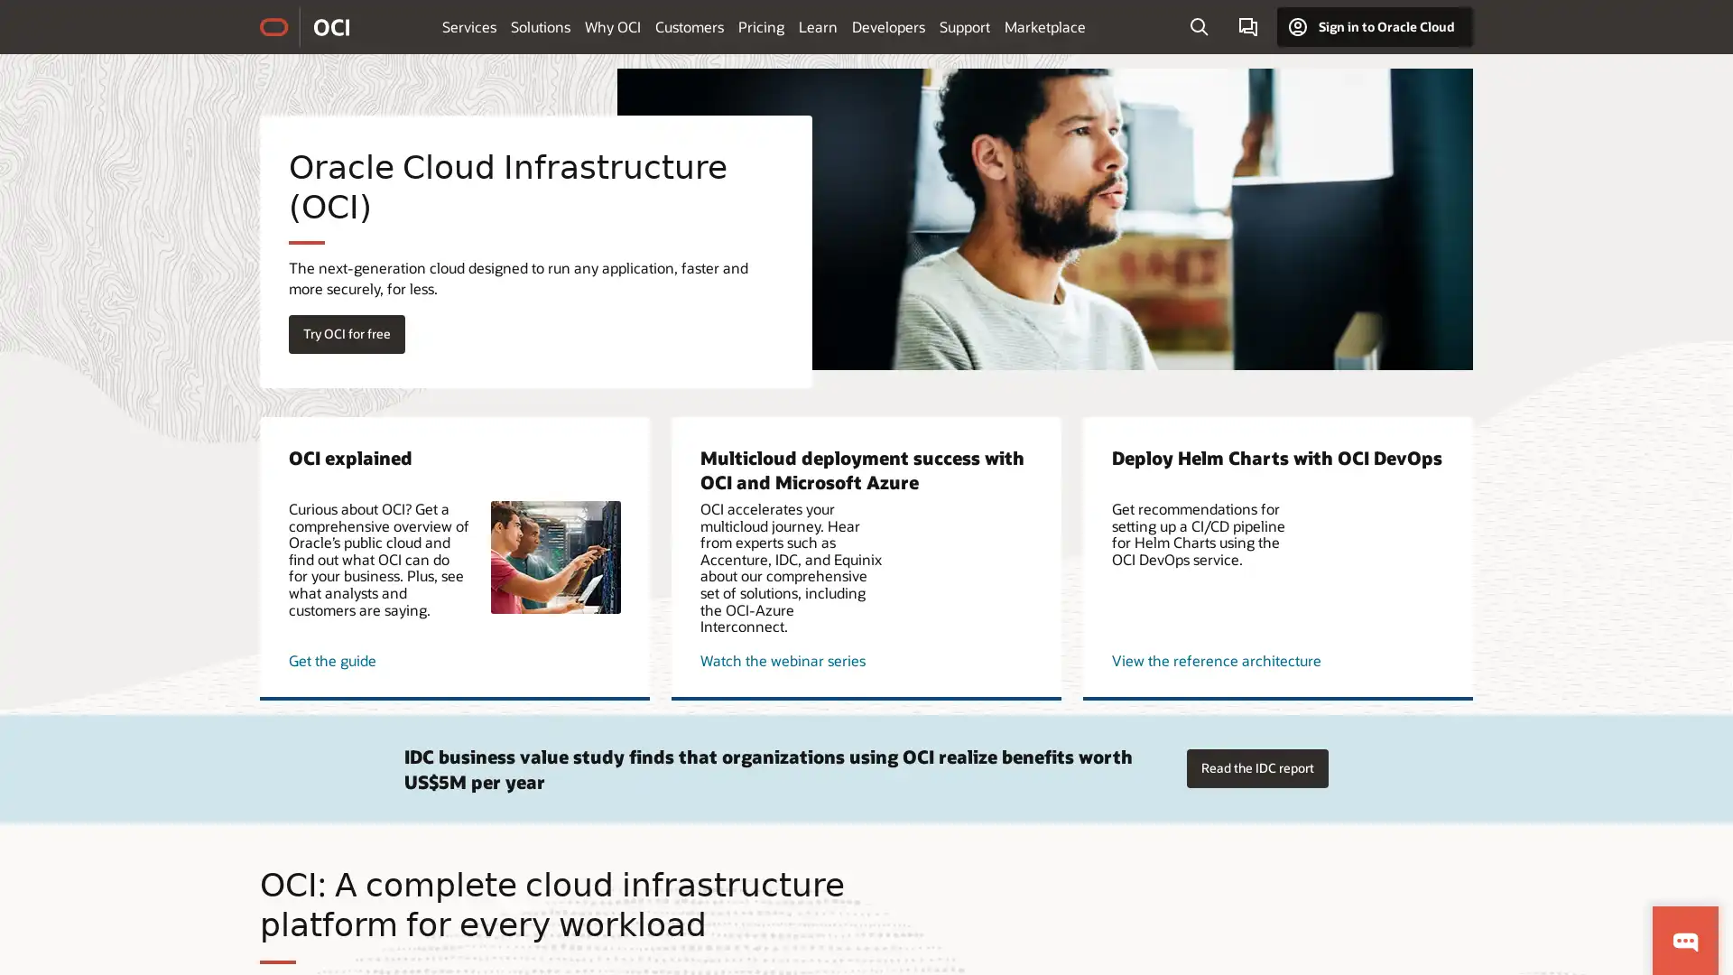  Describe the element at coordinates (468, 26) in the screenshot. I see `Services` at that location.